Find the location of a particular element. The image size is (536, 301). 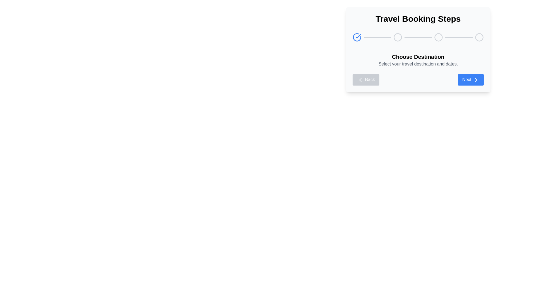

the second step indicator circle in the progress tracker of the 'Travel Booking Steps' section is located at coordinates (398, 37).